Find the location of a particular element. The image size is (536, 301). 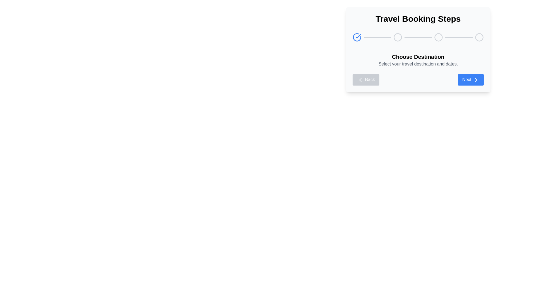

the second step indicator circle in the progress tracker of the 'Travel Booking Steps' section is located at coordinates (398, 37).